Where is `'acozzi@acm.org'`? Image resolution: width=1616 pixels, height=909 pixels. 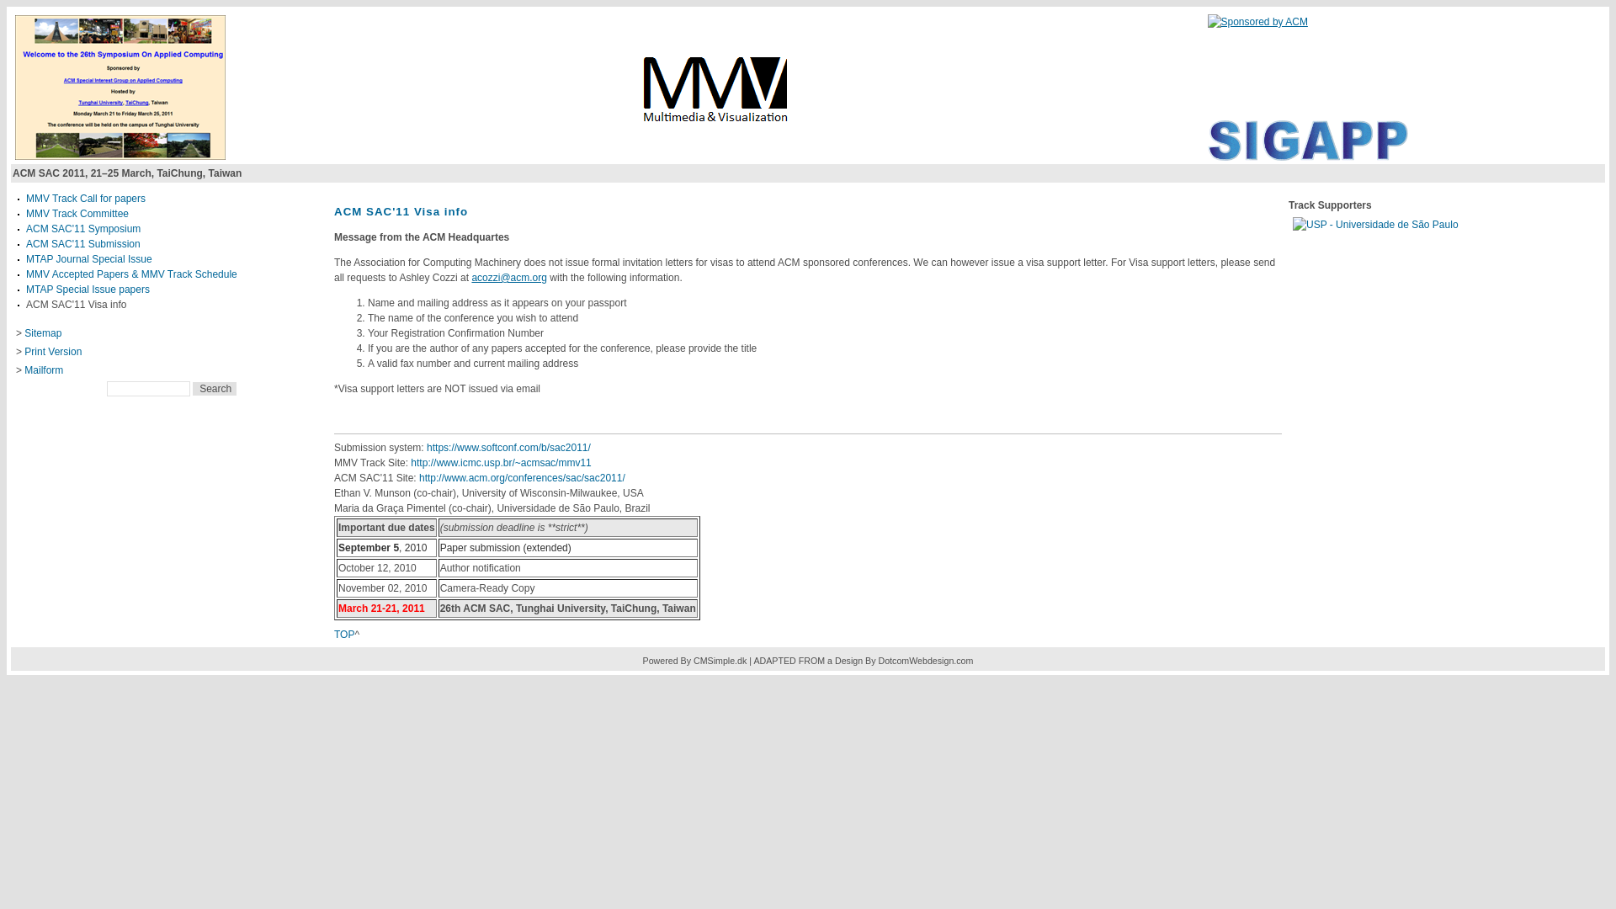
'acozzi@acm.org' is located at coordinates (508, 277).